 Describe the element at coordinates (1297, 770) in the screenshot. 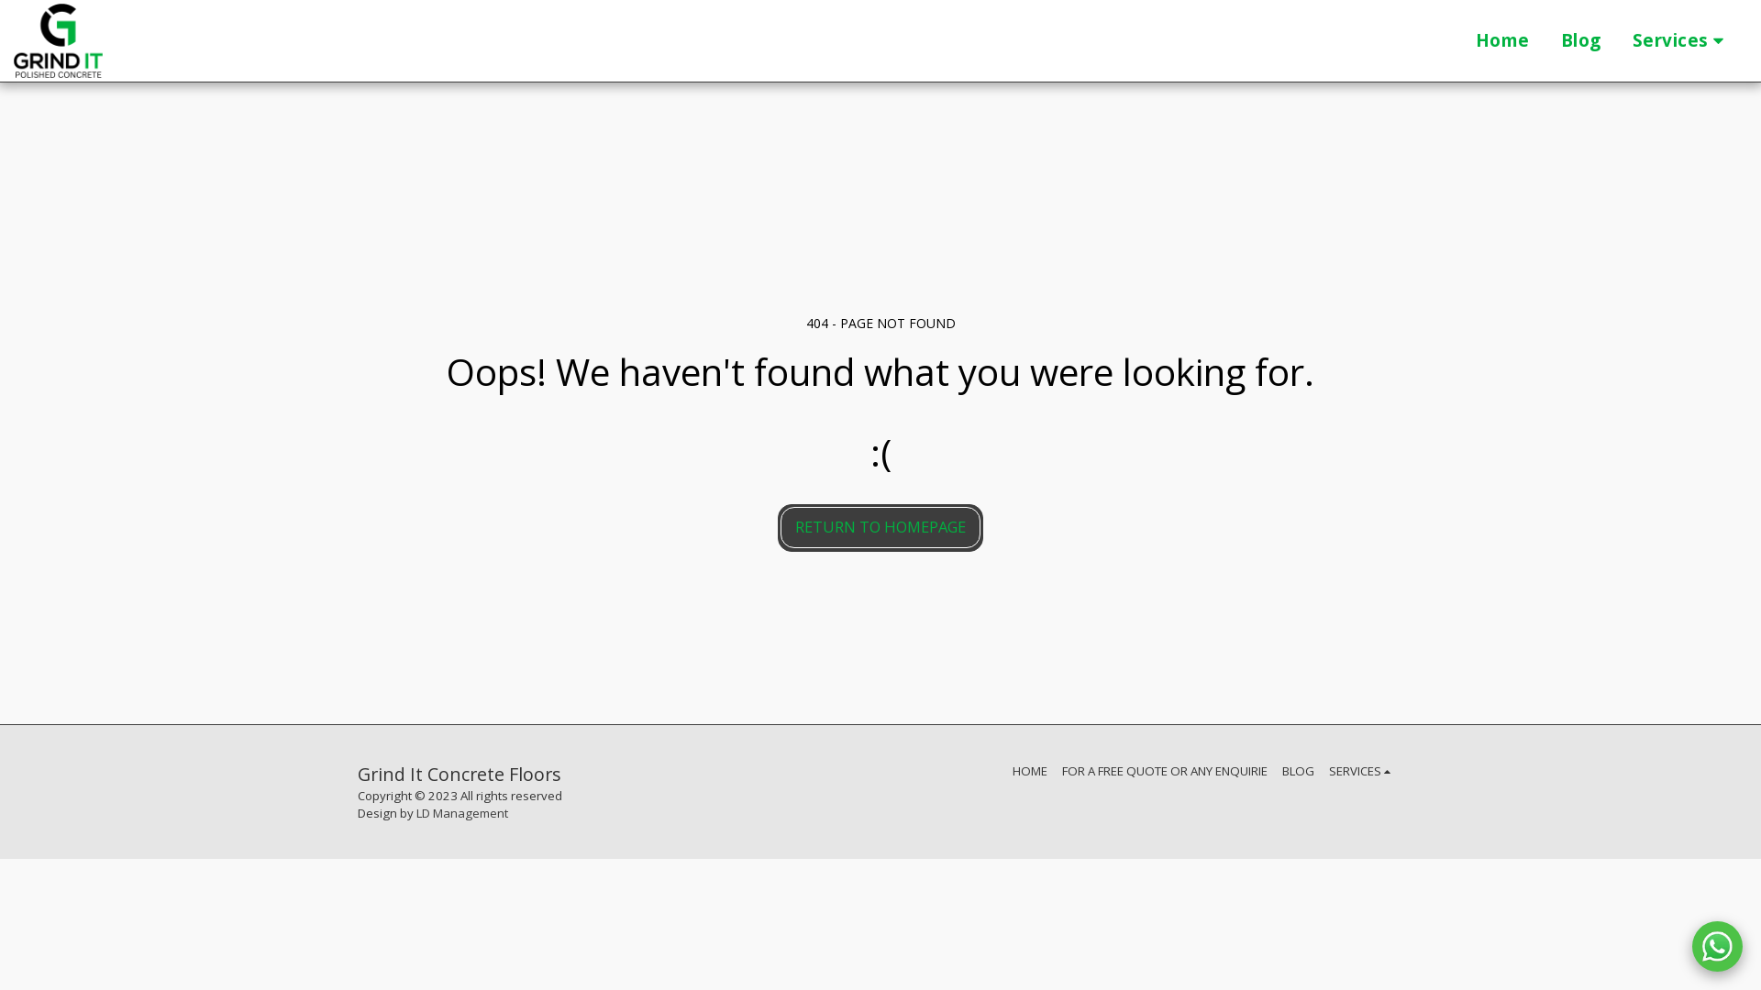

I see `'BLOG'` at that location.